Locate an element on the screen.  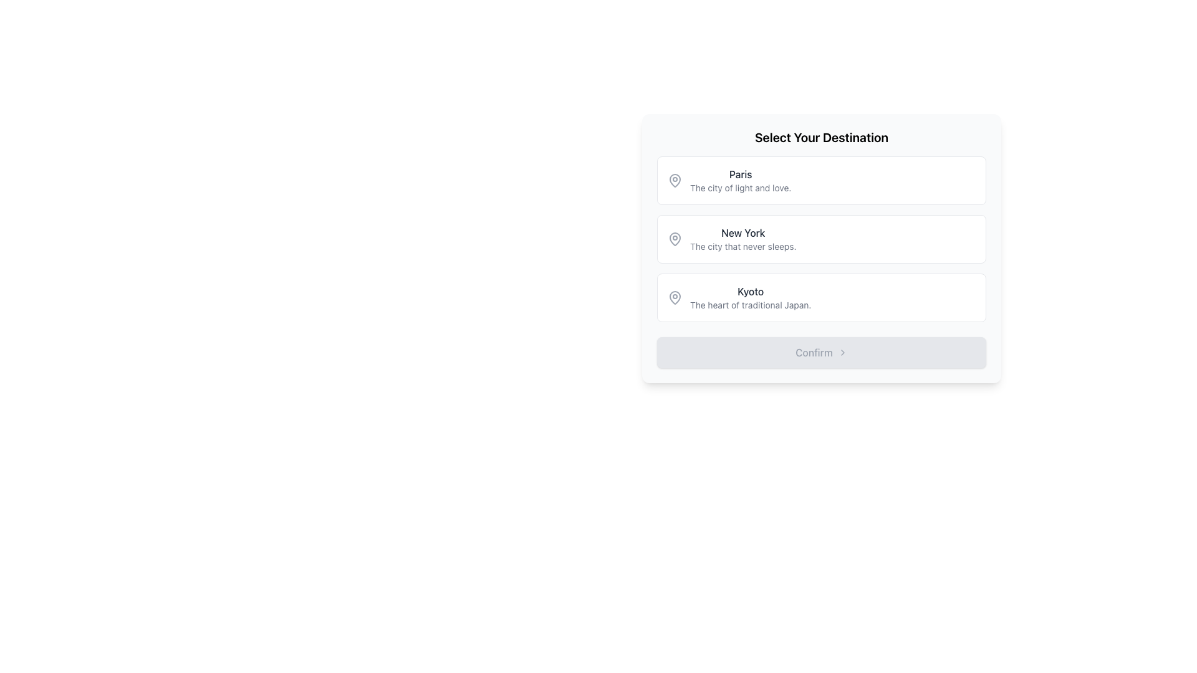
text block displaying 'Kyoto' with the subtitle 'The heart of traditional Japan.' located in the third option of the 'Select Your Destination' list is located at coordinates (750, 298).